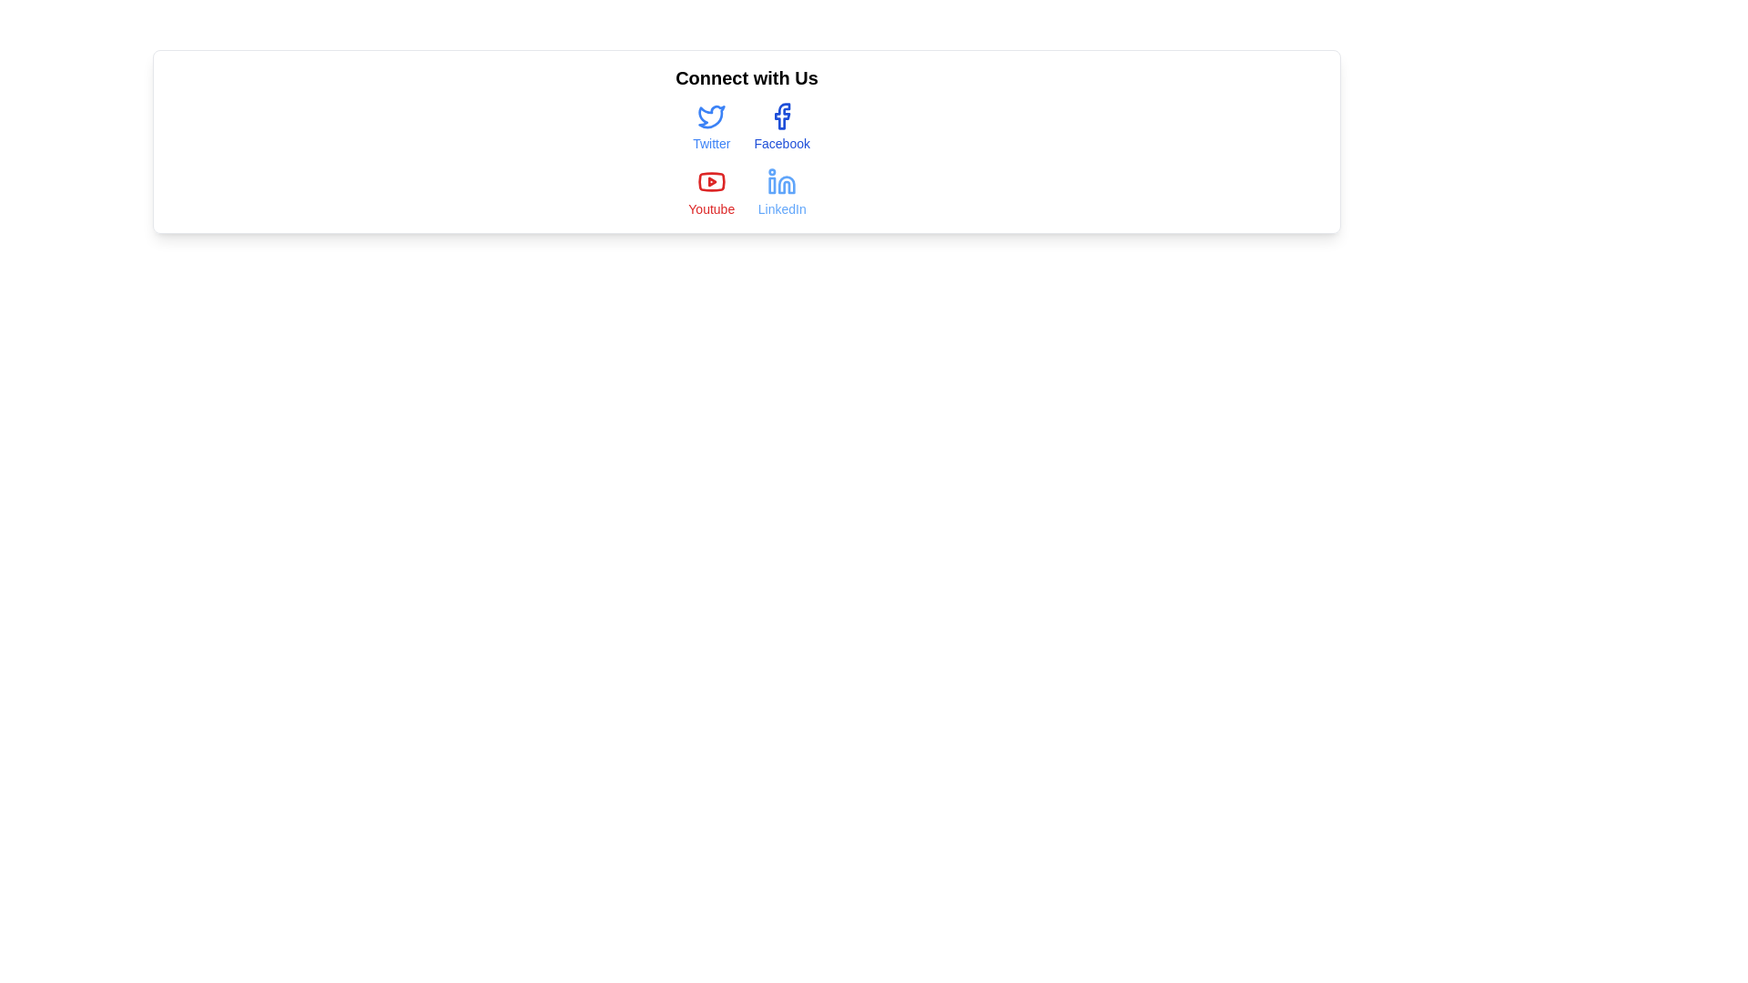 This screenshot has height=983, width=1748. What do you see at coordinates (710, 117) in the screenshot?
I see `the Twitter icon located in the top left corner of the social media row` at bounding box center [710, 117].